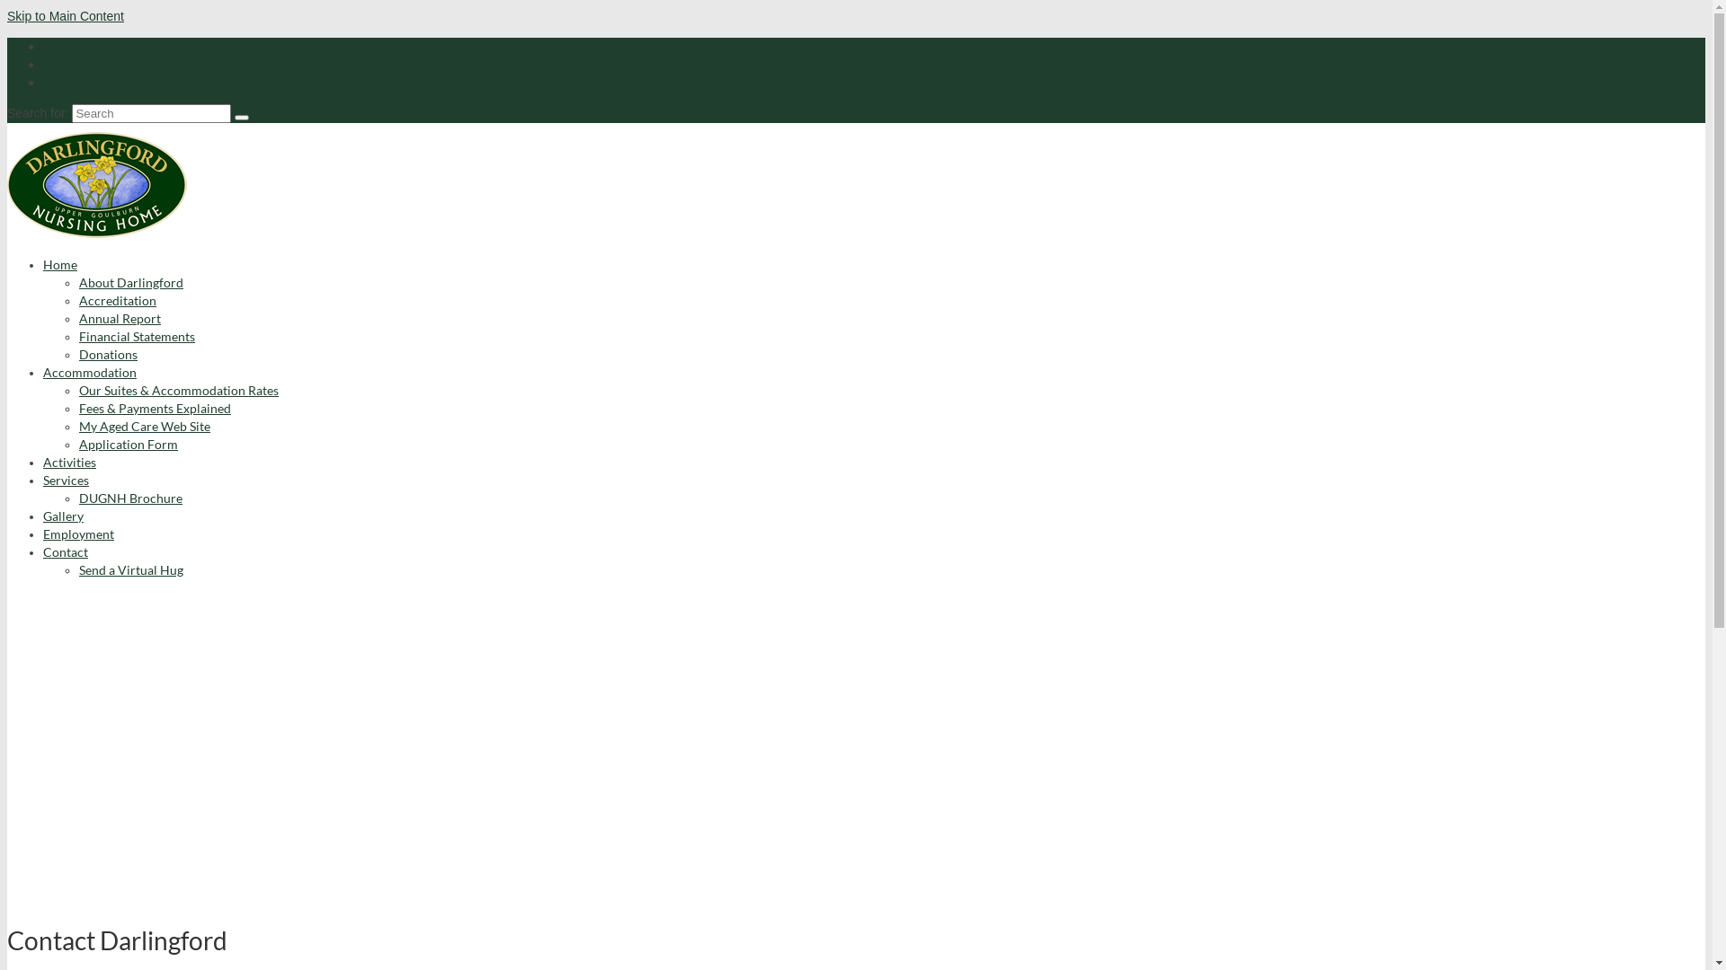 Image resolution: width=1726 pixels, height=970 pixels. Describe the element at coordinates (129, 498) in the screenshot. I see `'DUGNH Brochure'` at that location.